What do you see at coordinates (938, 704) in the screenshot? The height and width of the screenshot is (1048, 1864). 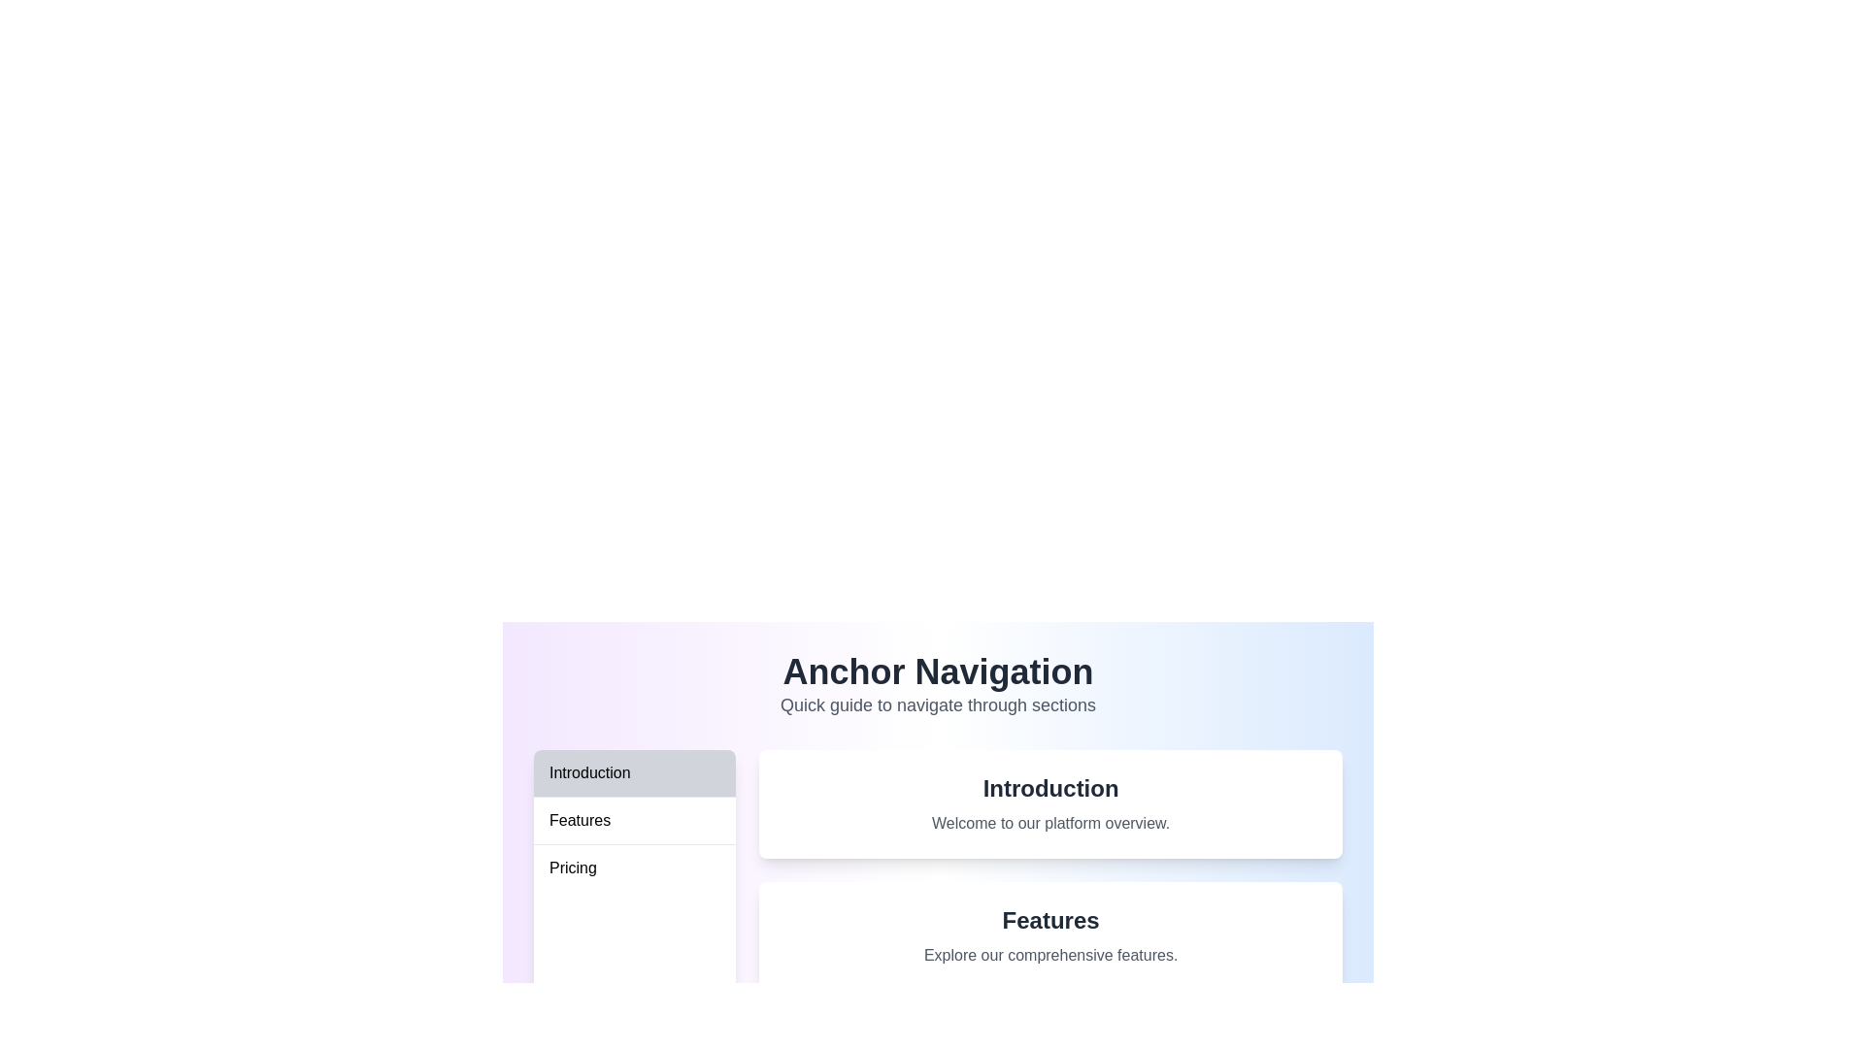 I see `the text element reading 'Quick guide to navigate through sections', which is styled in gray and positioned below the heading 'Anchor Navigation'` at bounding box center [938, 704].